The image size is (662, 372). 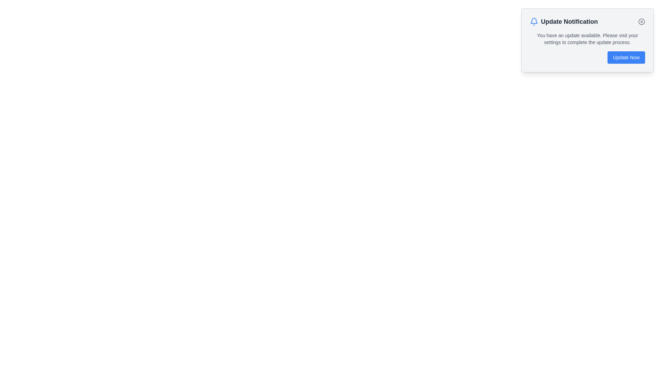 I want to click on the text block stating 'You have an update available. Please visit your settings to complete the update process.' located in the 'Update Notification' dialog box, so click(x=587, y=39).